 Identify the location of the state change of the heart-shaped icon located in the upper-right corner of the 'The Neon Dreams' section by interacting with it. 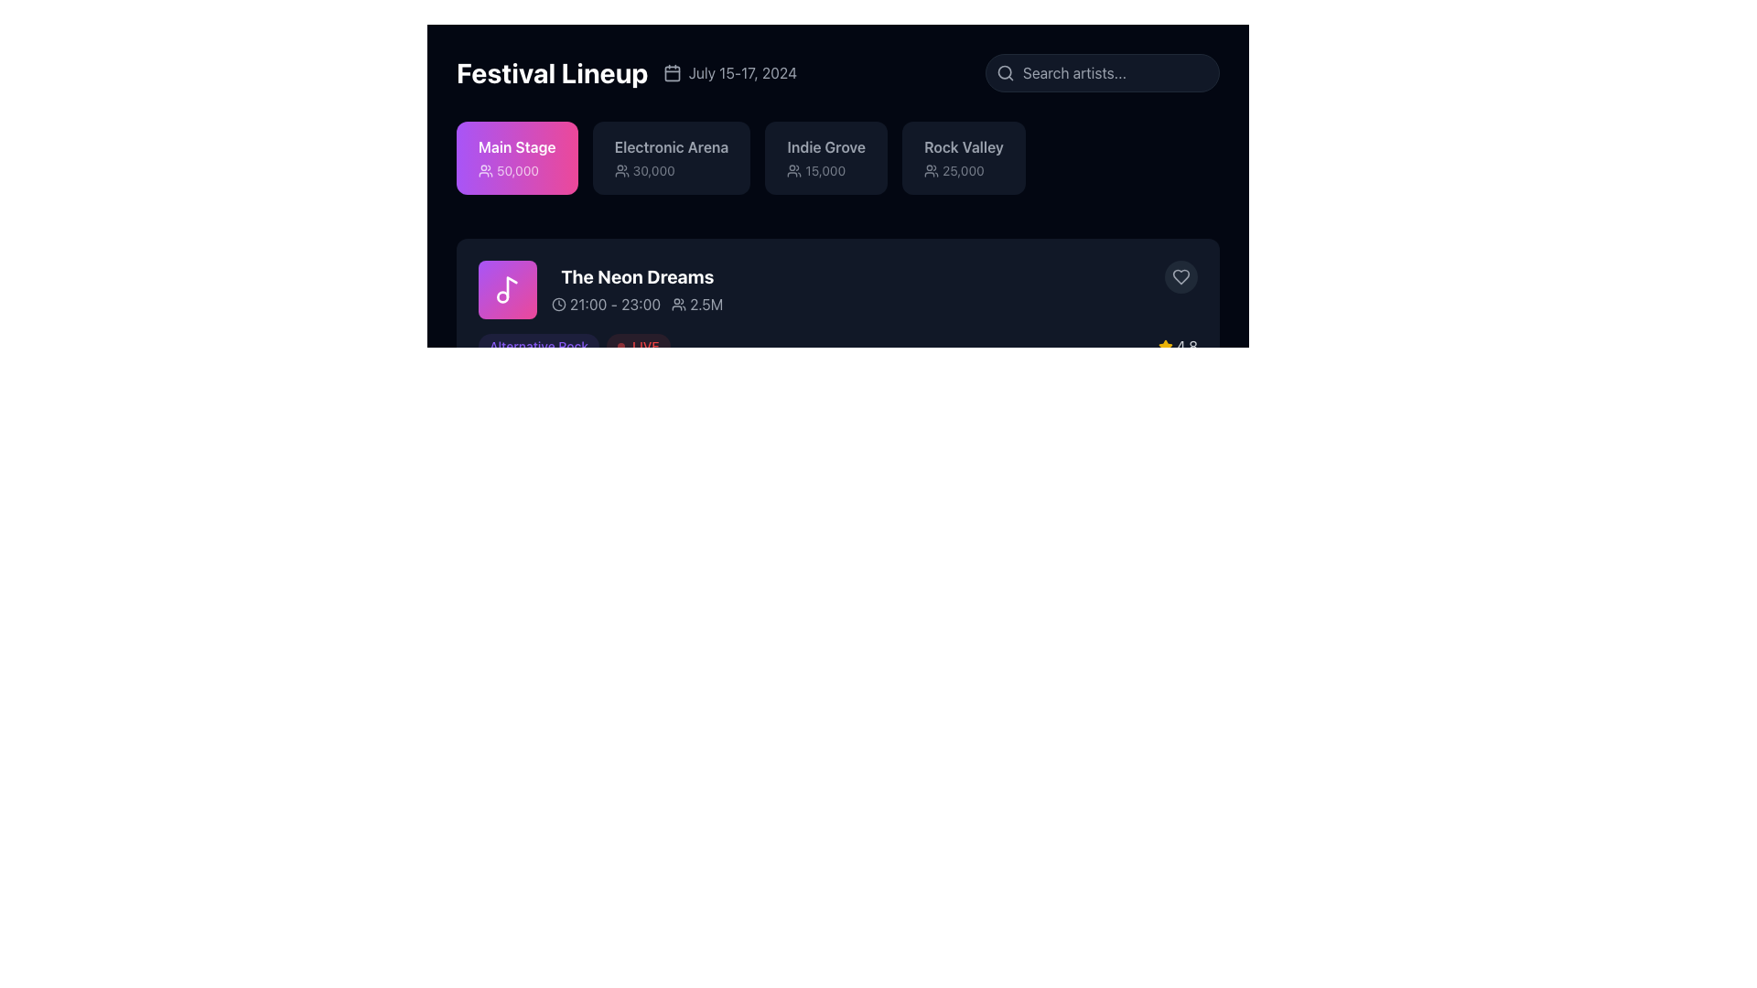
(1181, 277).